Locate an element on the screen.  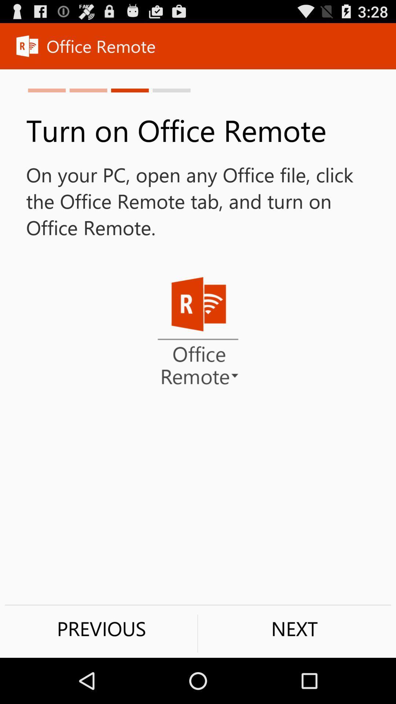
item to the left of next item is located at coordinates (101, 628).